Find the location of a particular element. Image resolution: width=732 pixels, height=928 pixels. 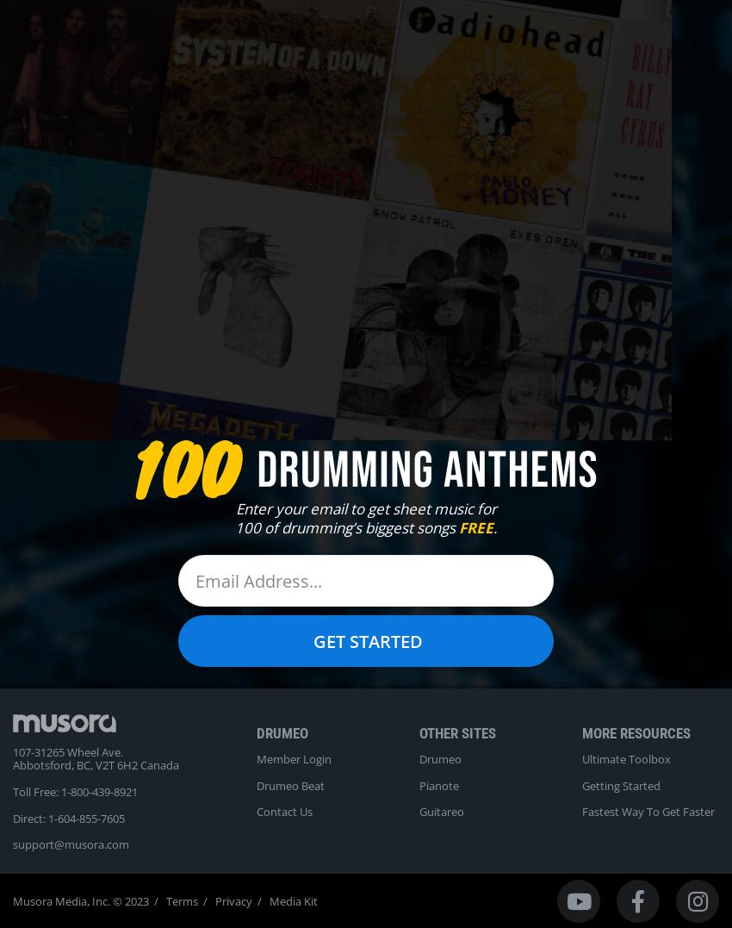

'Pianote' is located at coordinates (439, 785).